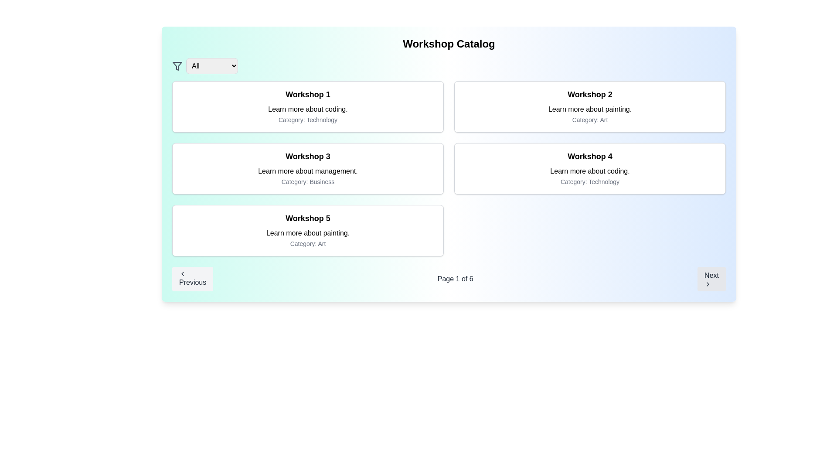  I want to click on the filter funnel icon located near the top-left corner of the interface, adjacent to the 'All' dropdown, as a visual indicator, so click(177, 65).